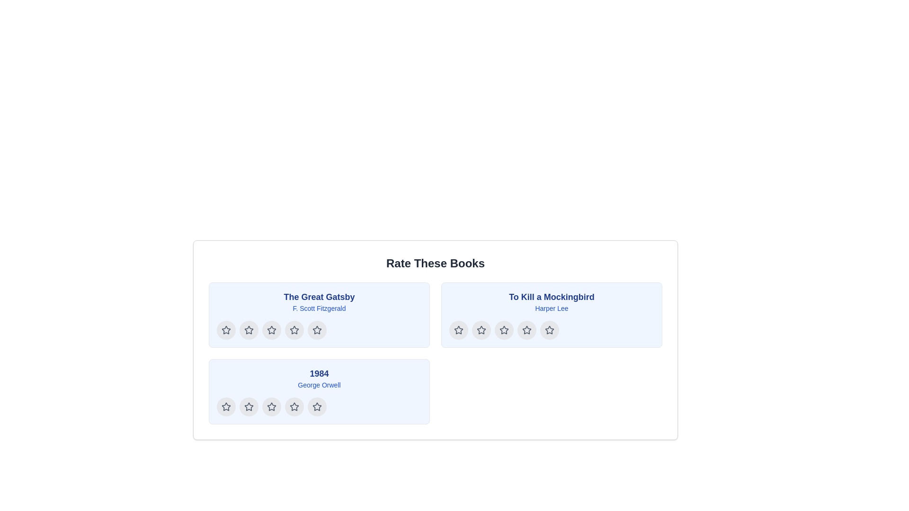 Image resolution: width=909 pixels, height=511 pixels. I want to click on the second star icon button for the book '1984' by George Orwell, so click(271, 406).